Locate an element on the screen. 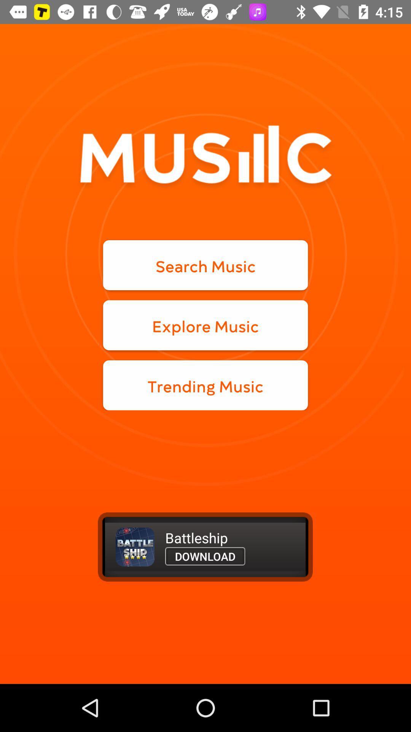  the item above trending music is located at coordinates (205, 325).